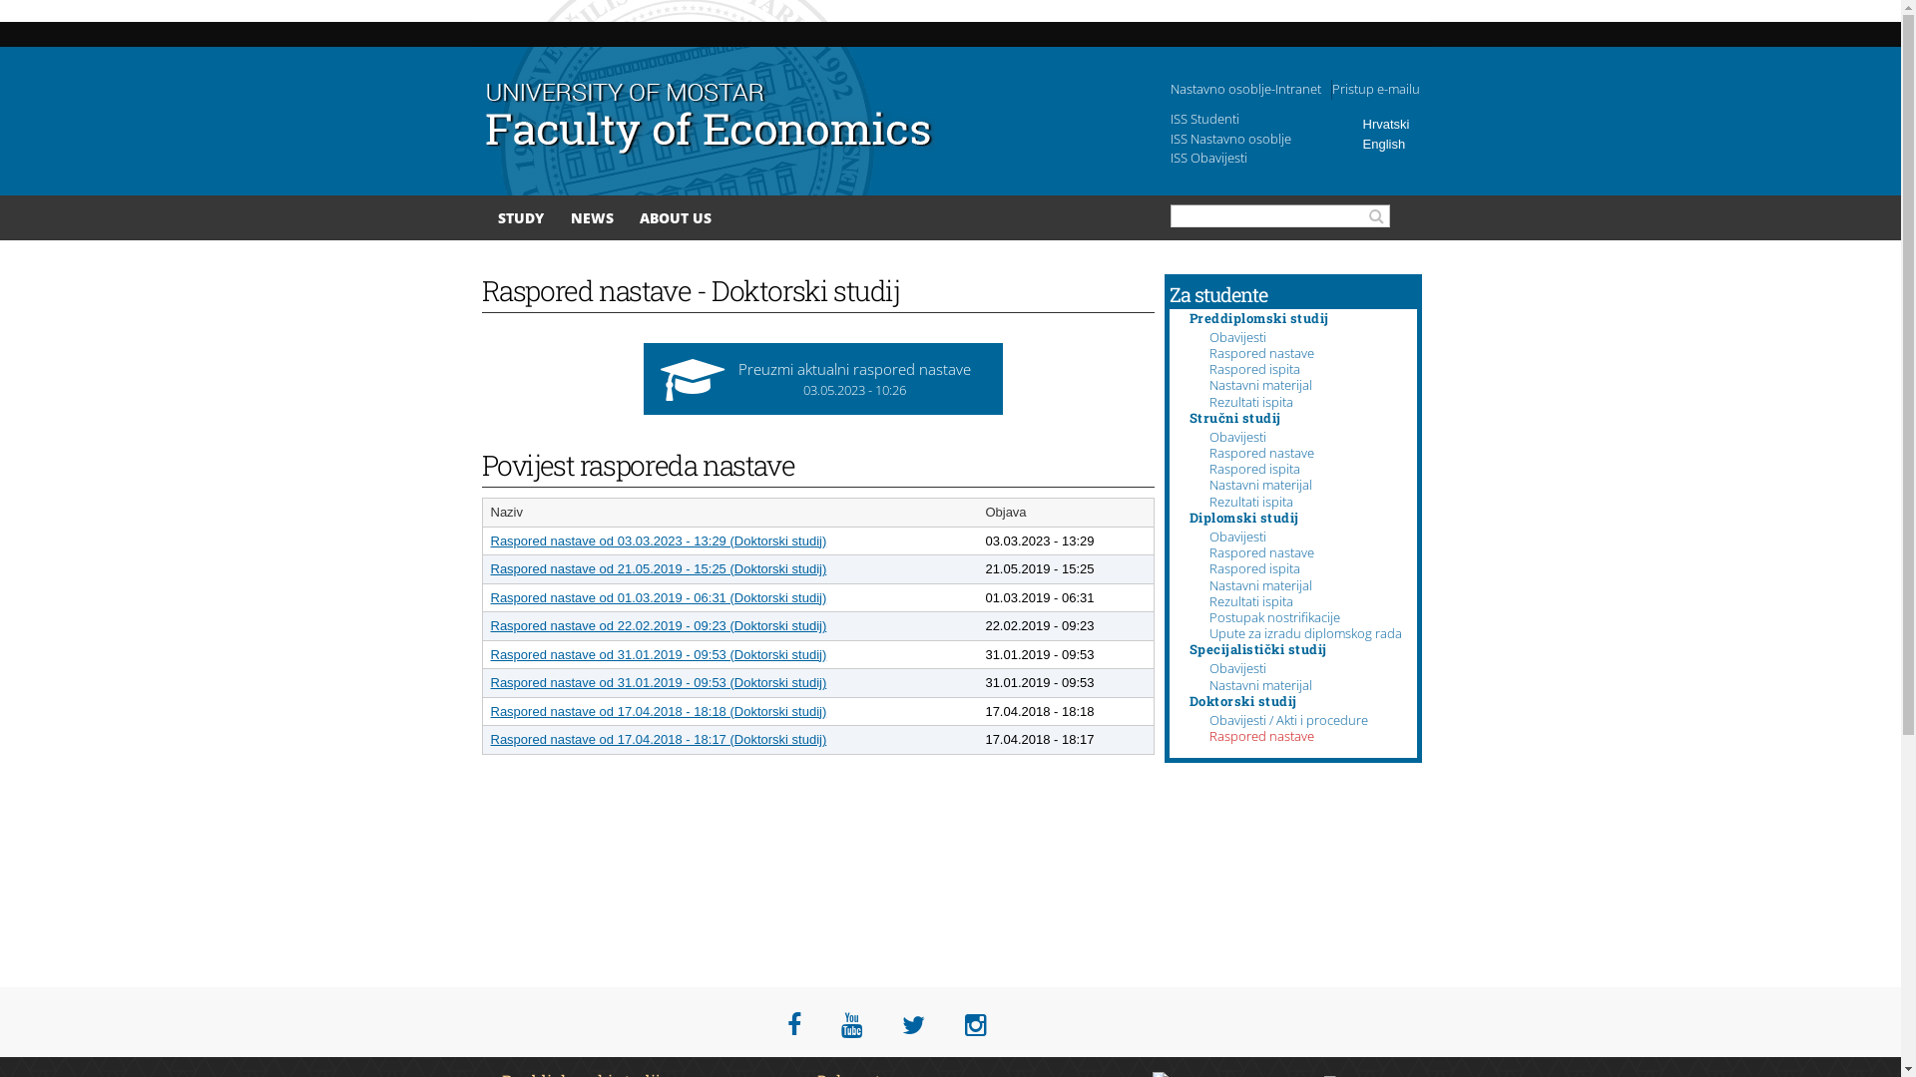 The height and width of the screenshot is (1077, 1916). I want to click on 'Postupak nostrifikacije', so click(1273, 615).